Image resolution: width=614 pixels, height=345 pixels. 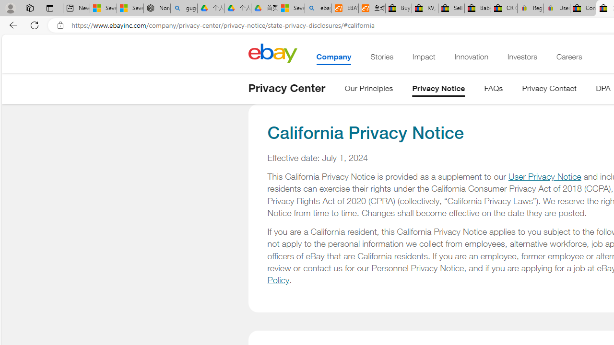 What do you see at coordinates (494, 90) in the screenshot?
I see `'FAQs'` at bounding box center [494, 90].